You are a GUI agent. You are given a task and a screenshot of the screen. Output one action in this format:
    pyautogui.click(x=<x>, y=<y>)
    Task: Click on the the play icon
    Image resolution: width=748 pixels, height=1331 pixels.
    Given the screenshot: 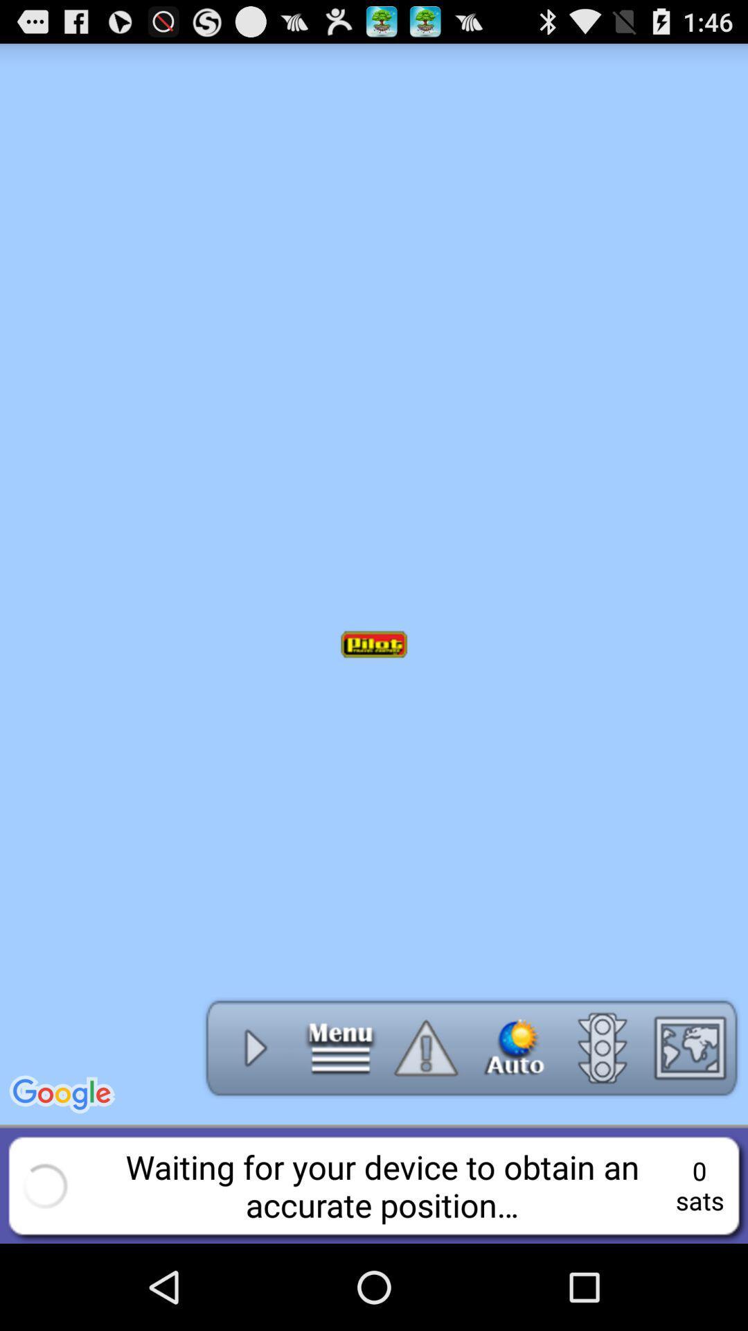 What is the action you would take?
    pyautogui.click(x=253, y=1122)
    